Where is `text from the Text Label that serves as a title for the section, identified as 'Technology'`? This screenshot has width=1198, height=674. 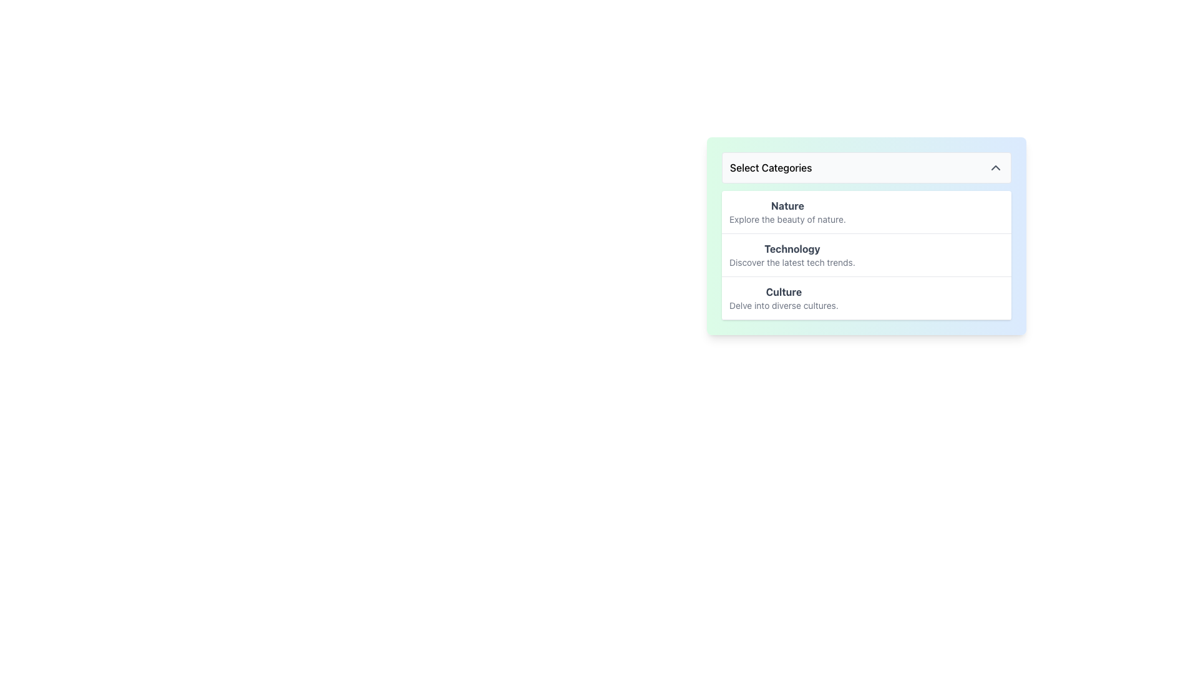 text from the Text Label that serves as a title for the section, identified as 'Technology' is located at coordinates (791, 248).